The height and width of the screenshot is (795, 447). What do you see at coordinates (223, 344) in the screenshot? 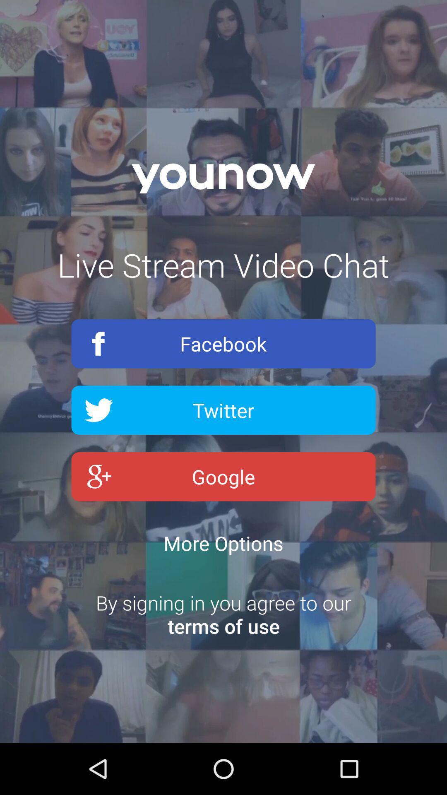
I see `login with facebook` at bounding box center [223, 344].